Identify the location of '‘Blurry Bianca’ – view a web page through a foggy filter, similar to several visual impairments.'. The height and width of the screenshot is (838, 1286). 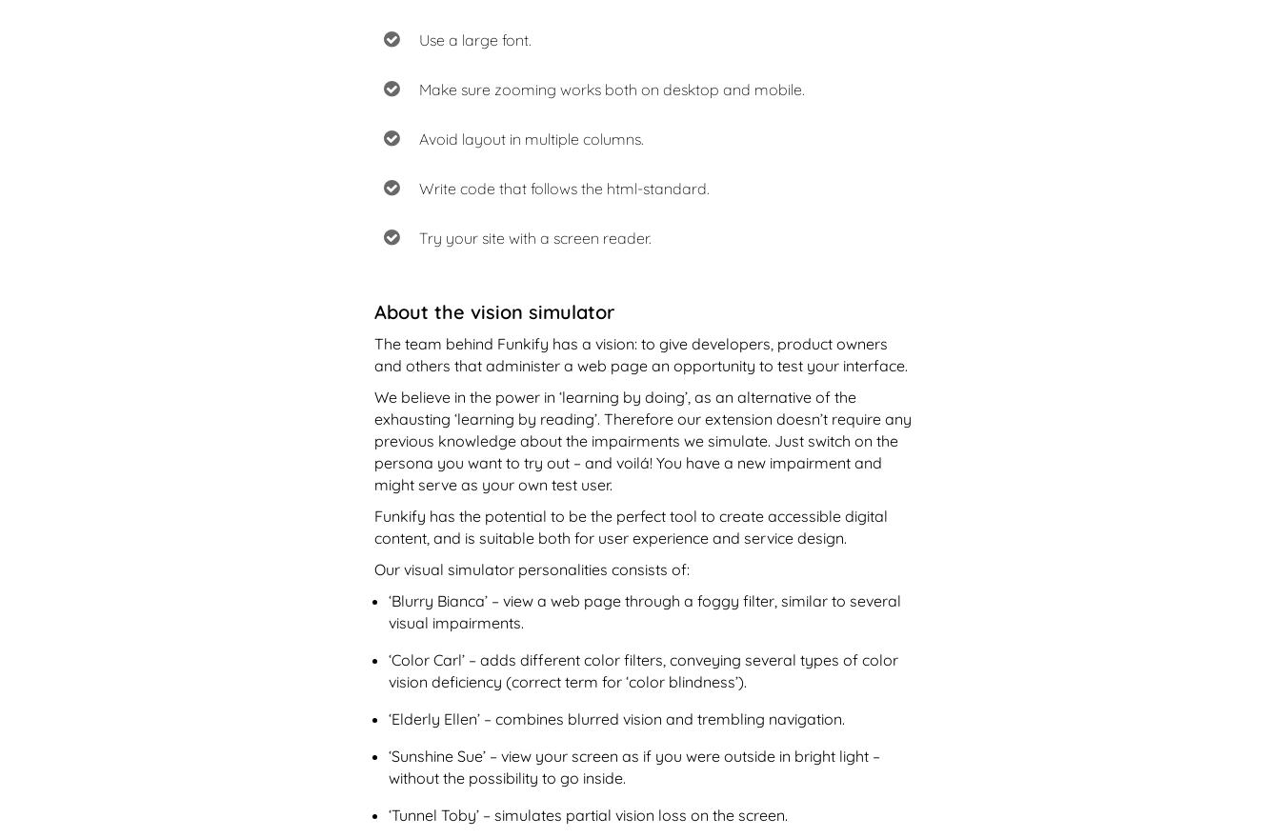
(643, 610).